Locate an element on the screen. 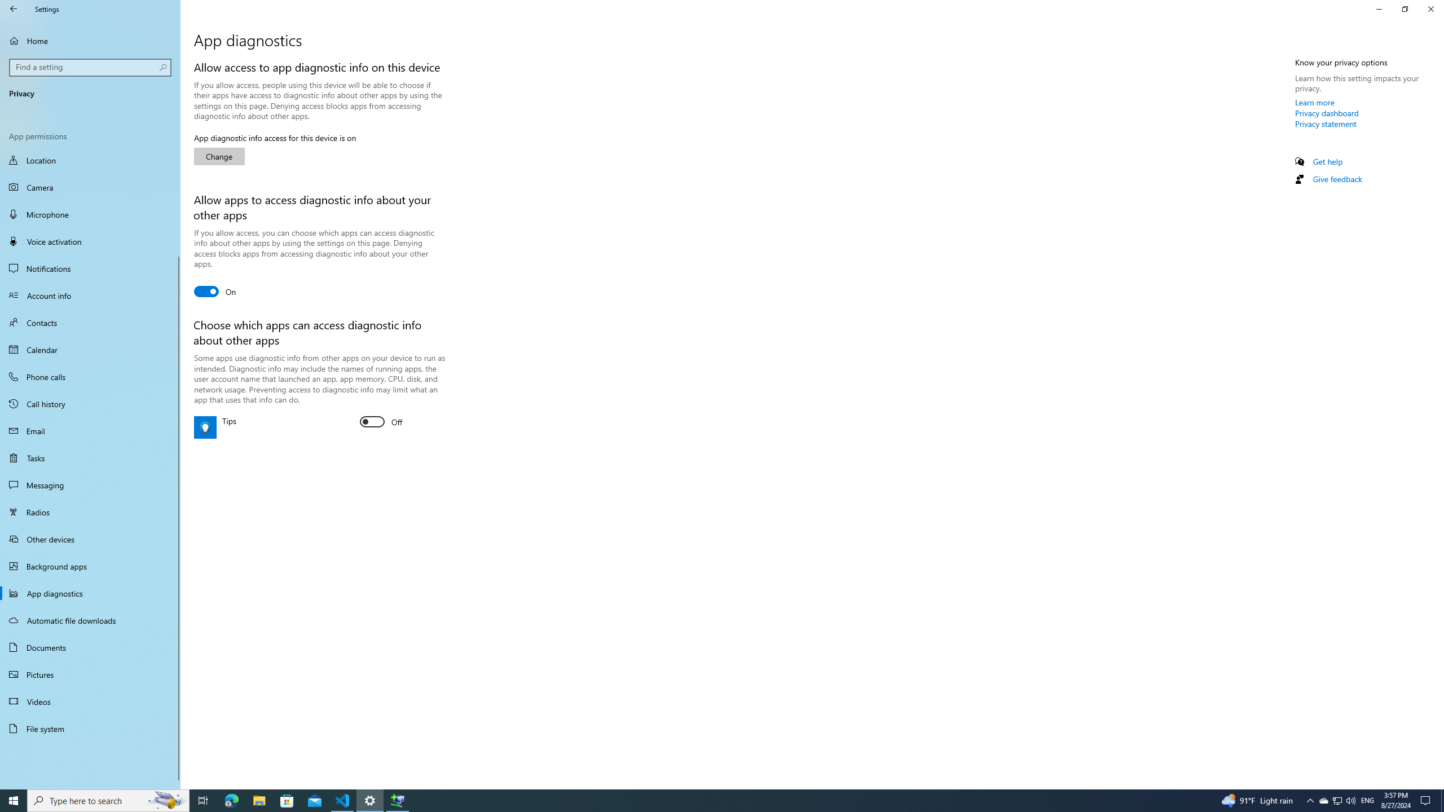 This screenshot has width=1444, height=812. 'Contacts' is located at coordinates (90, 322).